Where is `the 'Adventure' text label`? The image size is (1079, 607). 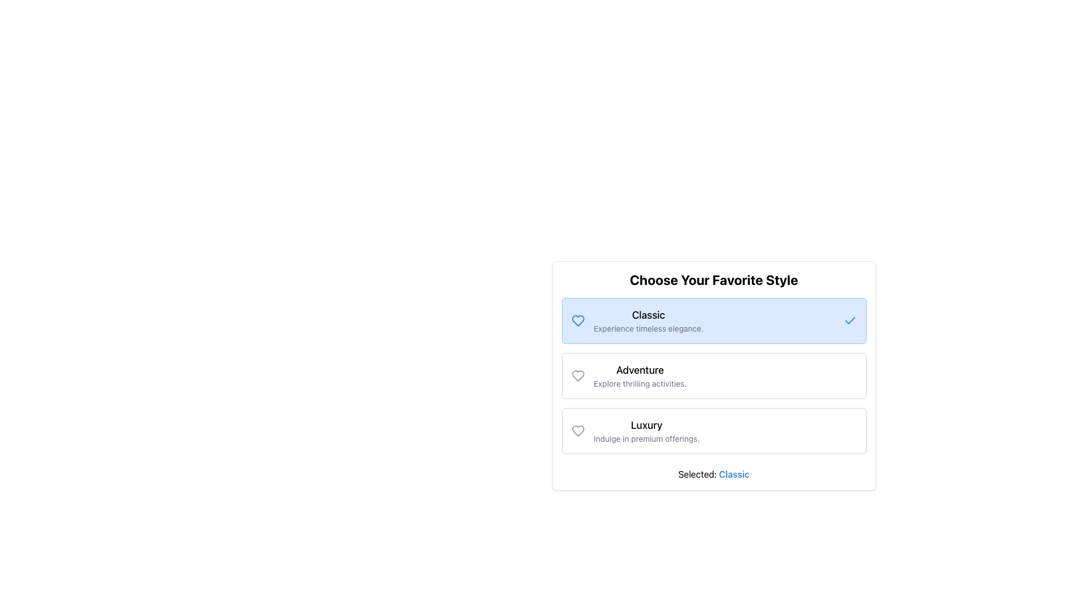
the 'Adventure' text label is located at coordinates (640, 370).